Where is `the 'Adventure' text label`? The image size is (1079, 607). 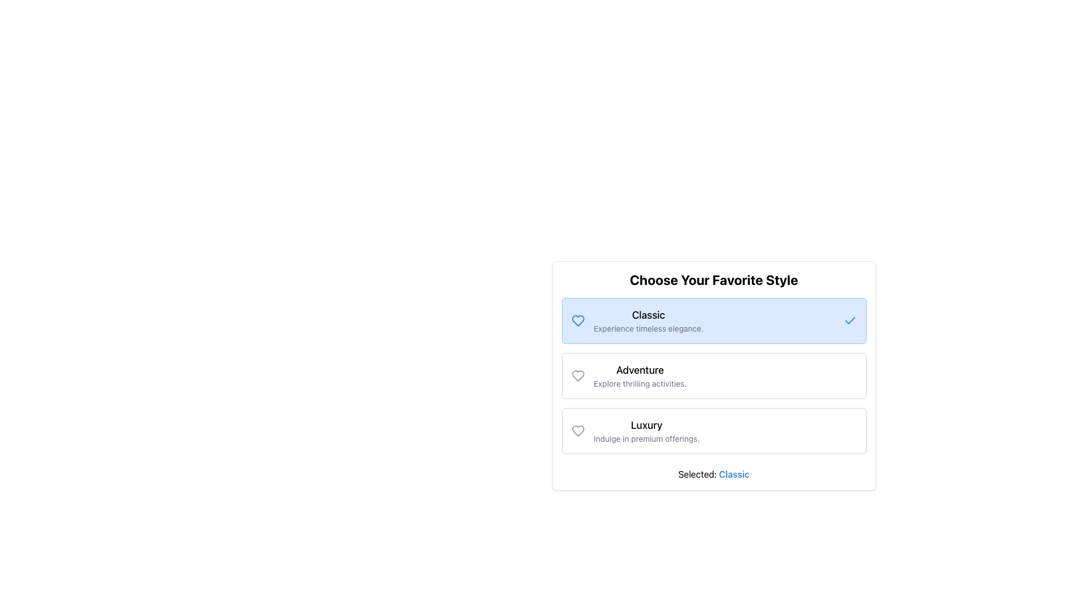
the 'Adventure' text label is located at coordinates (640, 370).